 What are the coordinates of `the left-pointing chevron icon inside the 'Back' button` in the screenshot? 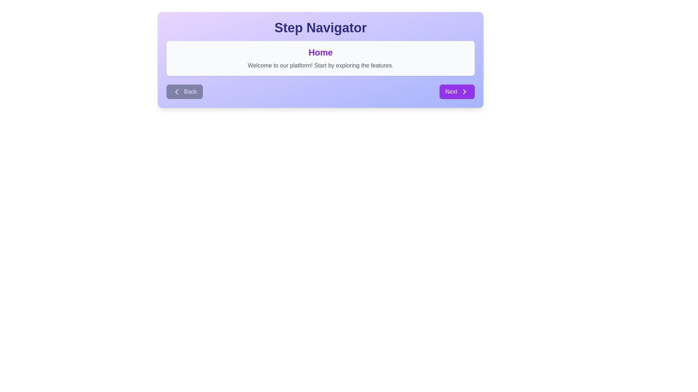 It's located at (176, 91).